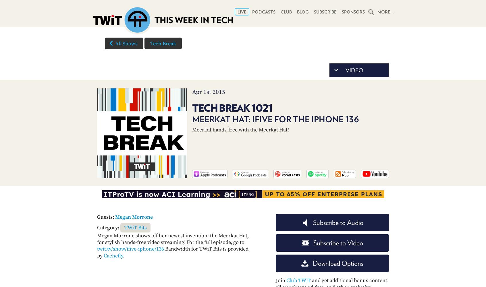 The image size is (486, 287). I want to click on 'twit.tv/show/ifive-iphone/136', so click(130, 249).